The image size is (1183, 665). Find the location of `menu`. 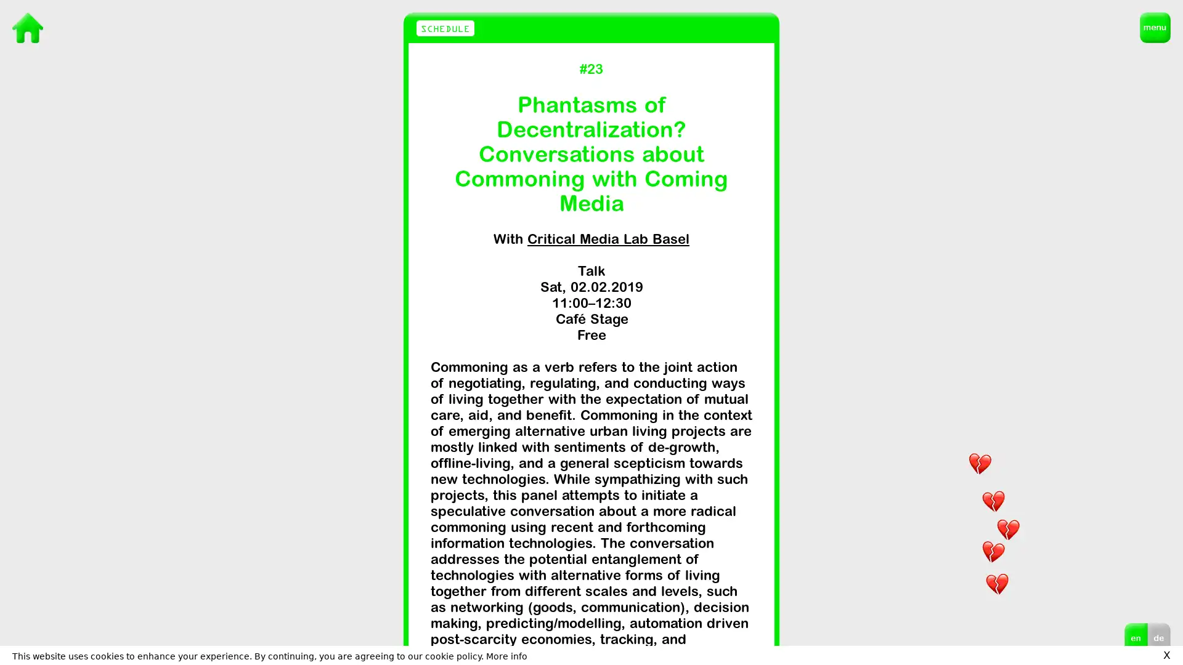

menu is located at coordinates (1155, 28).